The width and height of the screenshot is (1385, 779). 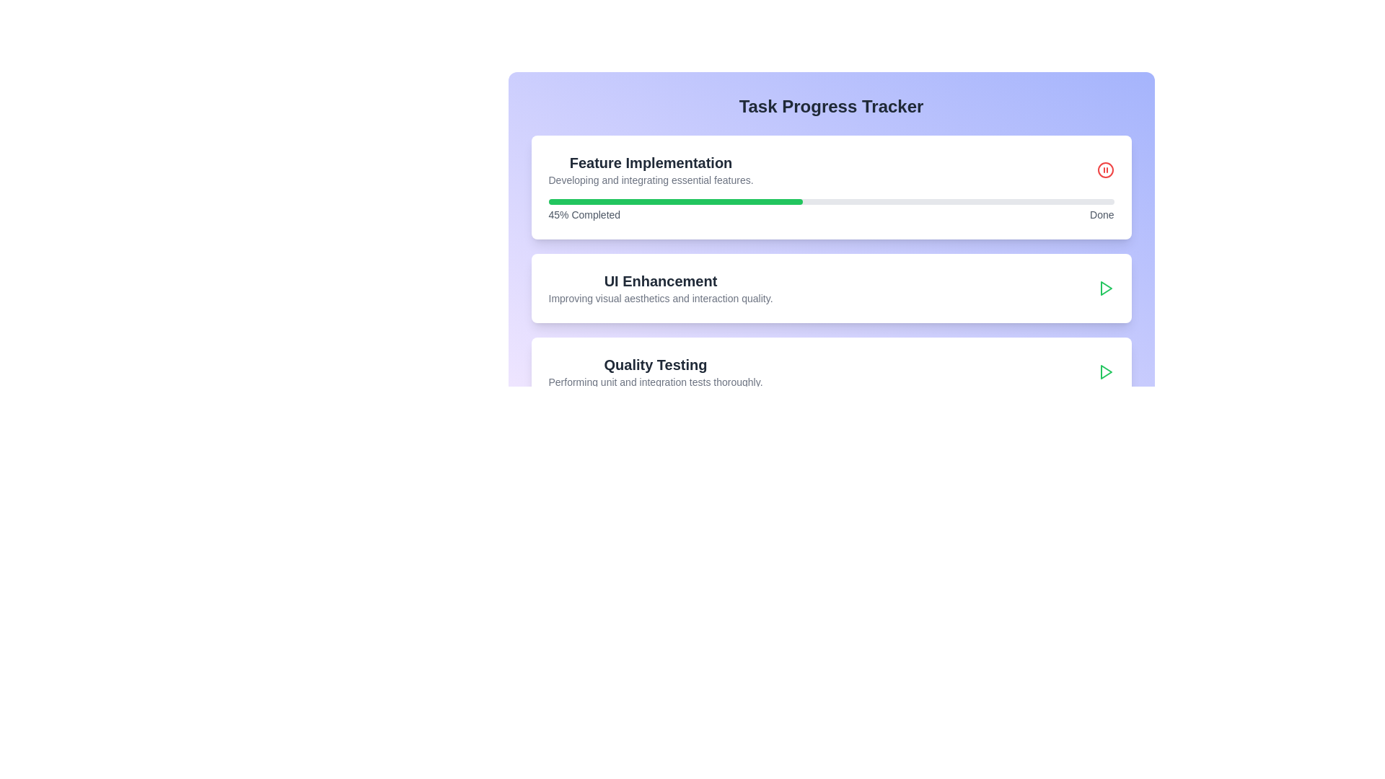 What do you see at coordinates (831, 105) in the screenshot?
I see `the static text label displaying 'Task Progress Tracker' at the top of the interface, which is bold and large, serving as a header` at bounding box center [831, 105].